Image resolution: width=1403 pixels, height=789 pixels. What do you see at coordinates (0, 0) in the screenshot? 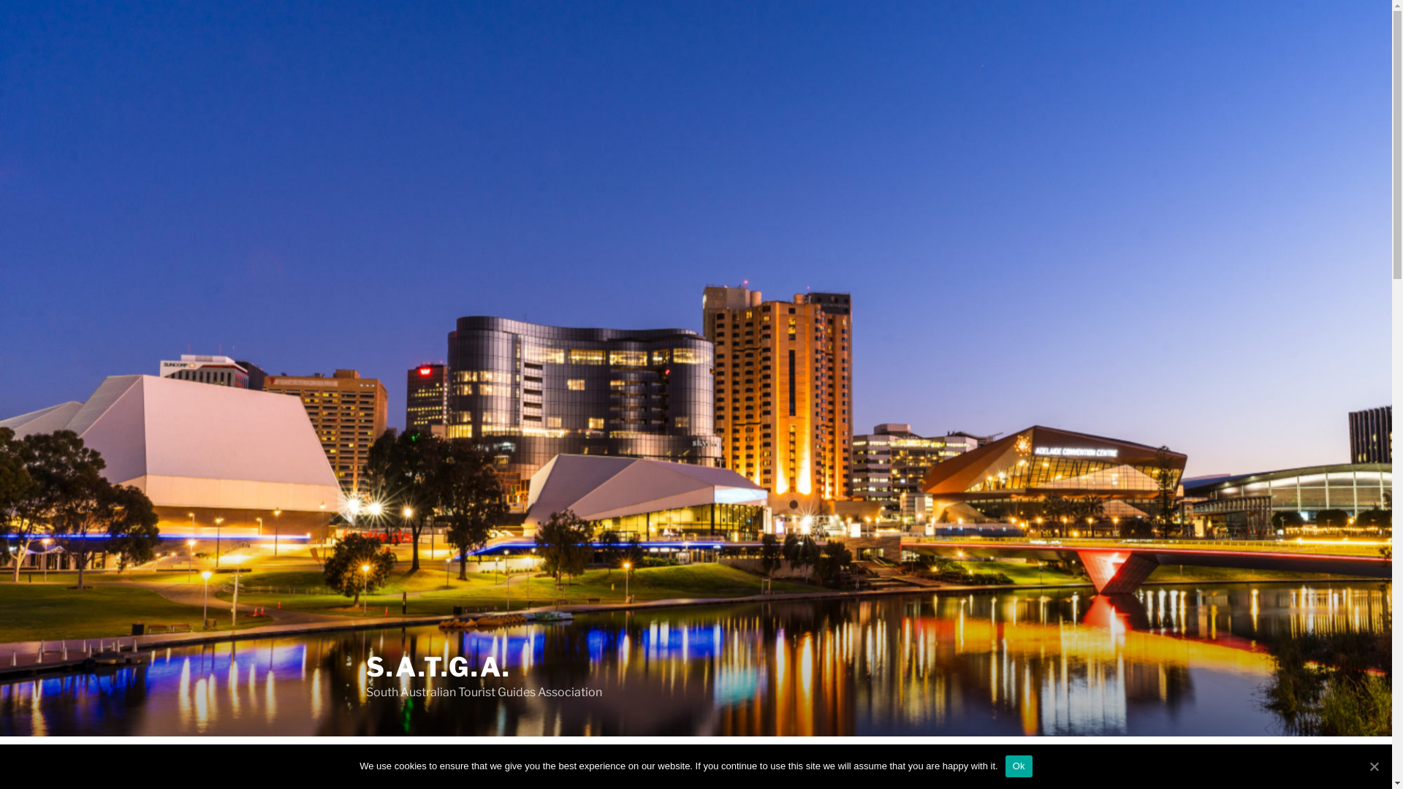
I see `'Skip to content'` at bounding box center [0, 0].